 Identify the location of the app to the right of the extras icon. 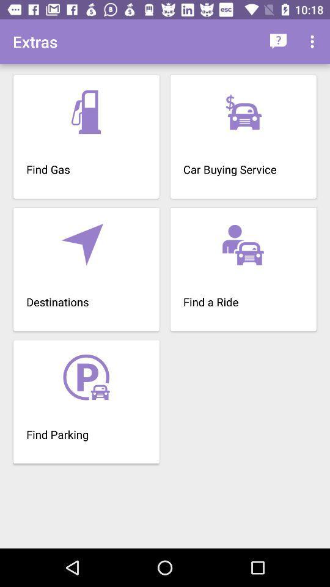
(278, 42).